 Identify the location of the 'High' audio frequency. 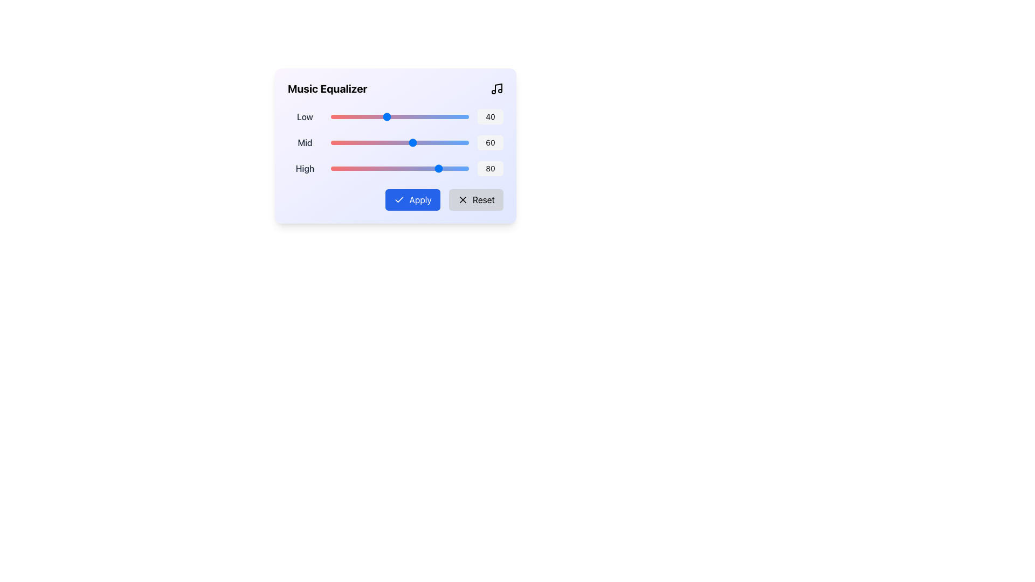
(466, 168).